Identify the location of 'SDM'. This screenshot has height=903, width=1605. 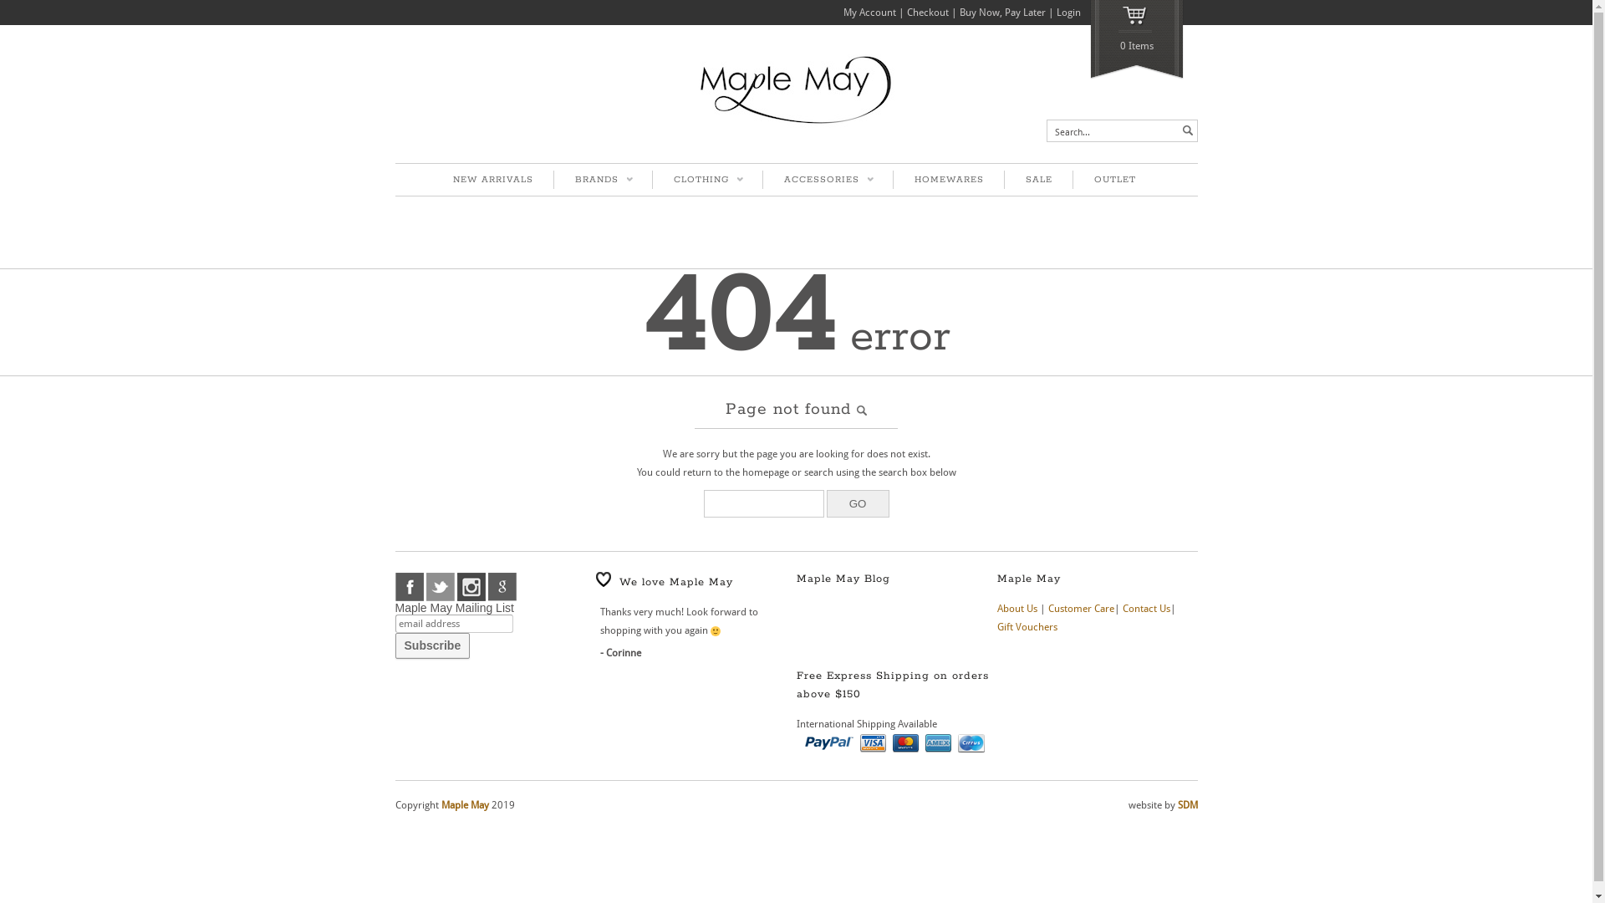
(1175, 804).